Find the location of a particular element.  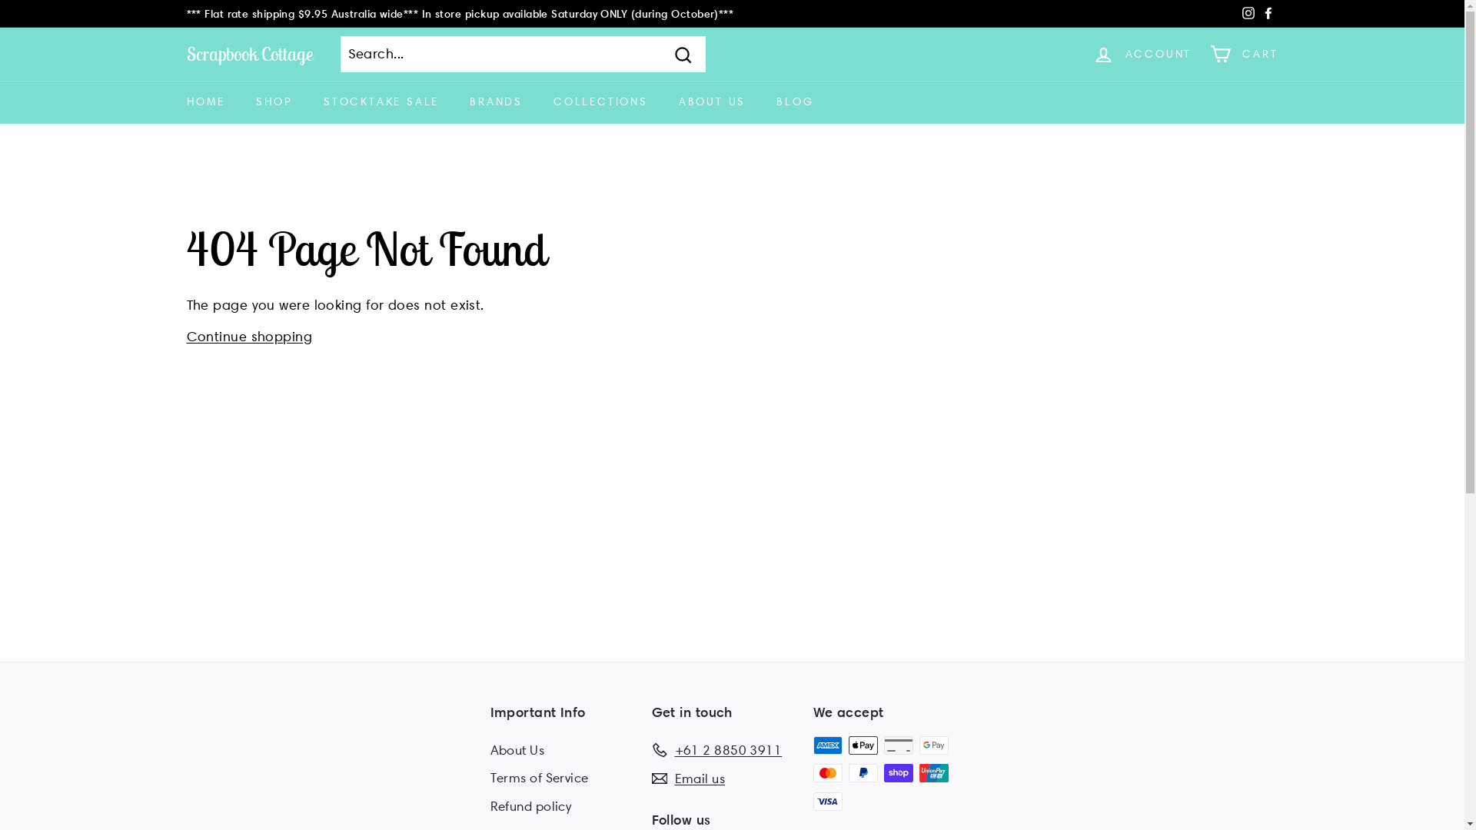

'Email us' is located at coordinates (688, 779).